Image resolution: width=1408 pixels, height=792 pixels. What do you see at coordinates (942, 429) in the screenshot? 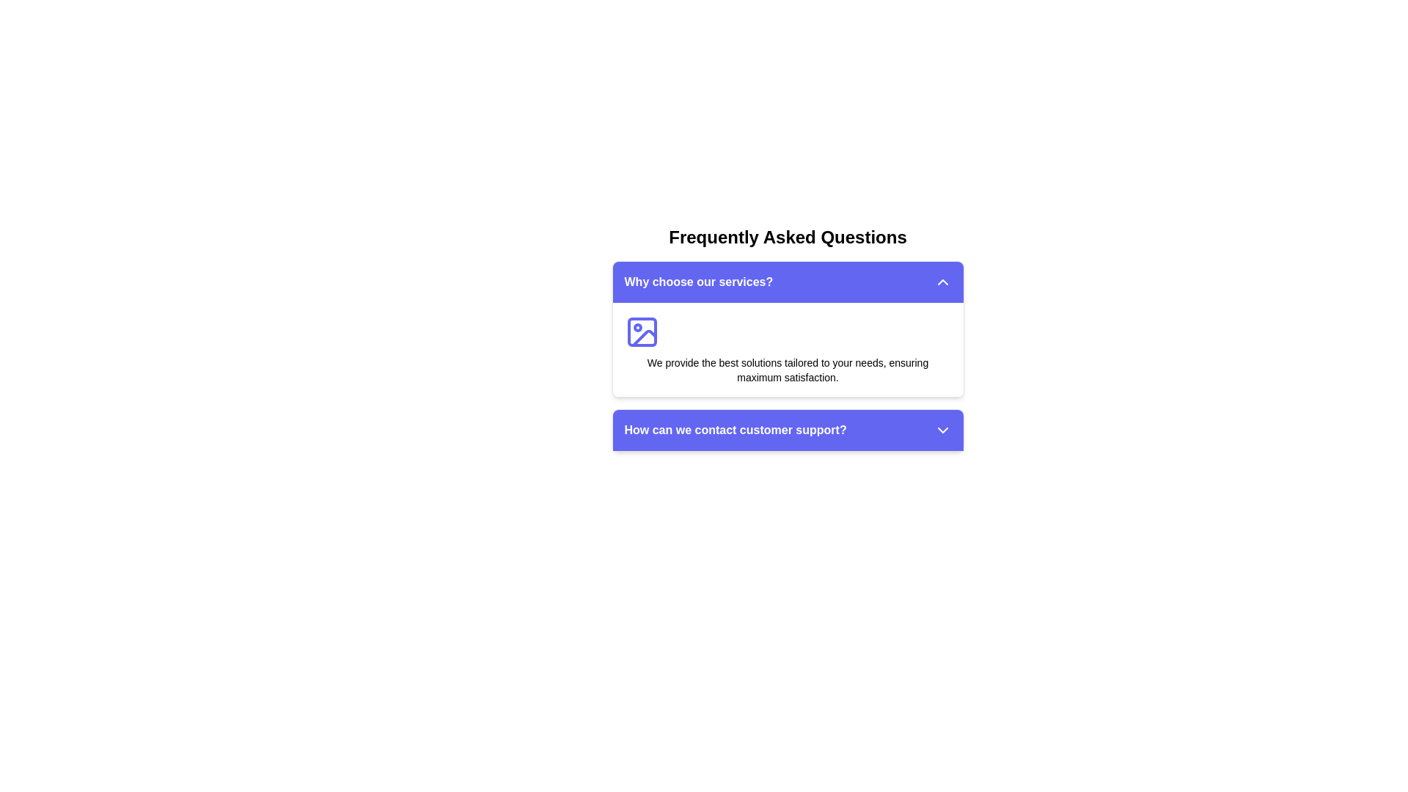
I see `the chevron-down icon located at the top-right corner of the bar labeled 'How can we contact customer support?'` at bounding box center [942, 429].